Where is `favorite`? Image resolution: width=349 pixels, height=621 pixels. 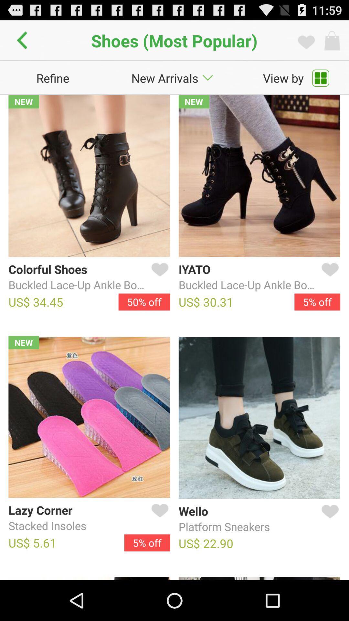
favorite is located at coordinates (329, 277).